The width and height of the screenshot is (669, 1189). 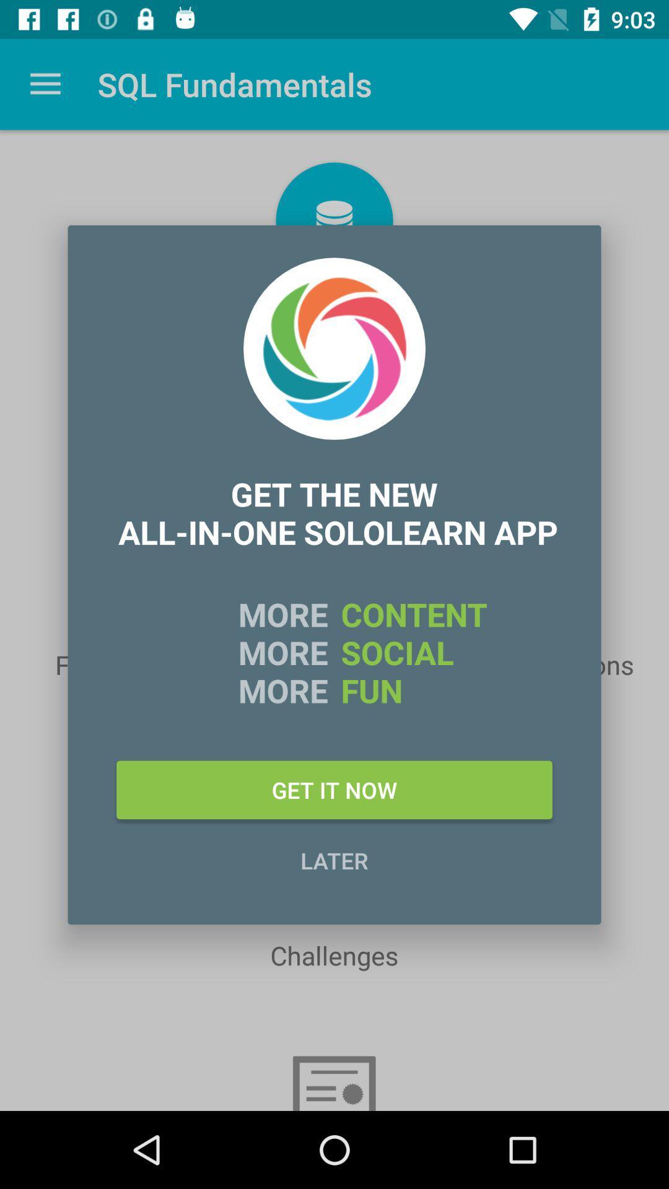 What do you see at coordinates (334, 860) in the screenshot?
I see `the icon at the bottom` at bounding box center [334, 860].